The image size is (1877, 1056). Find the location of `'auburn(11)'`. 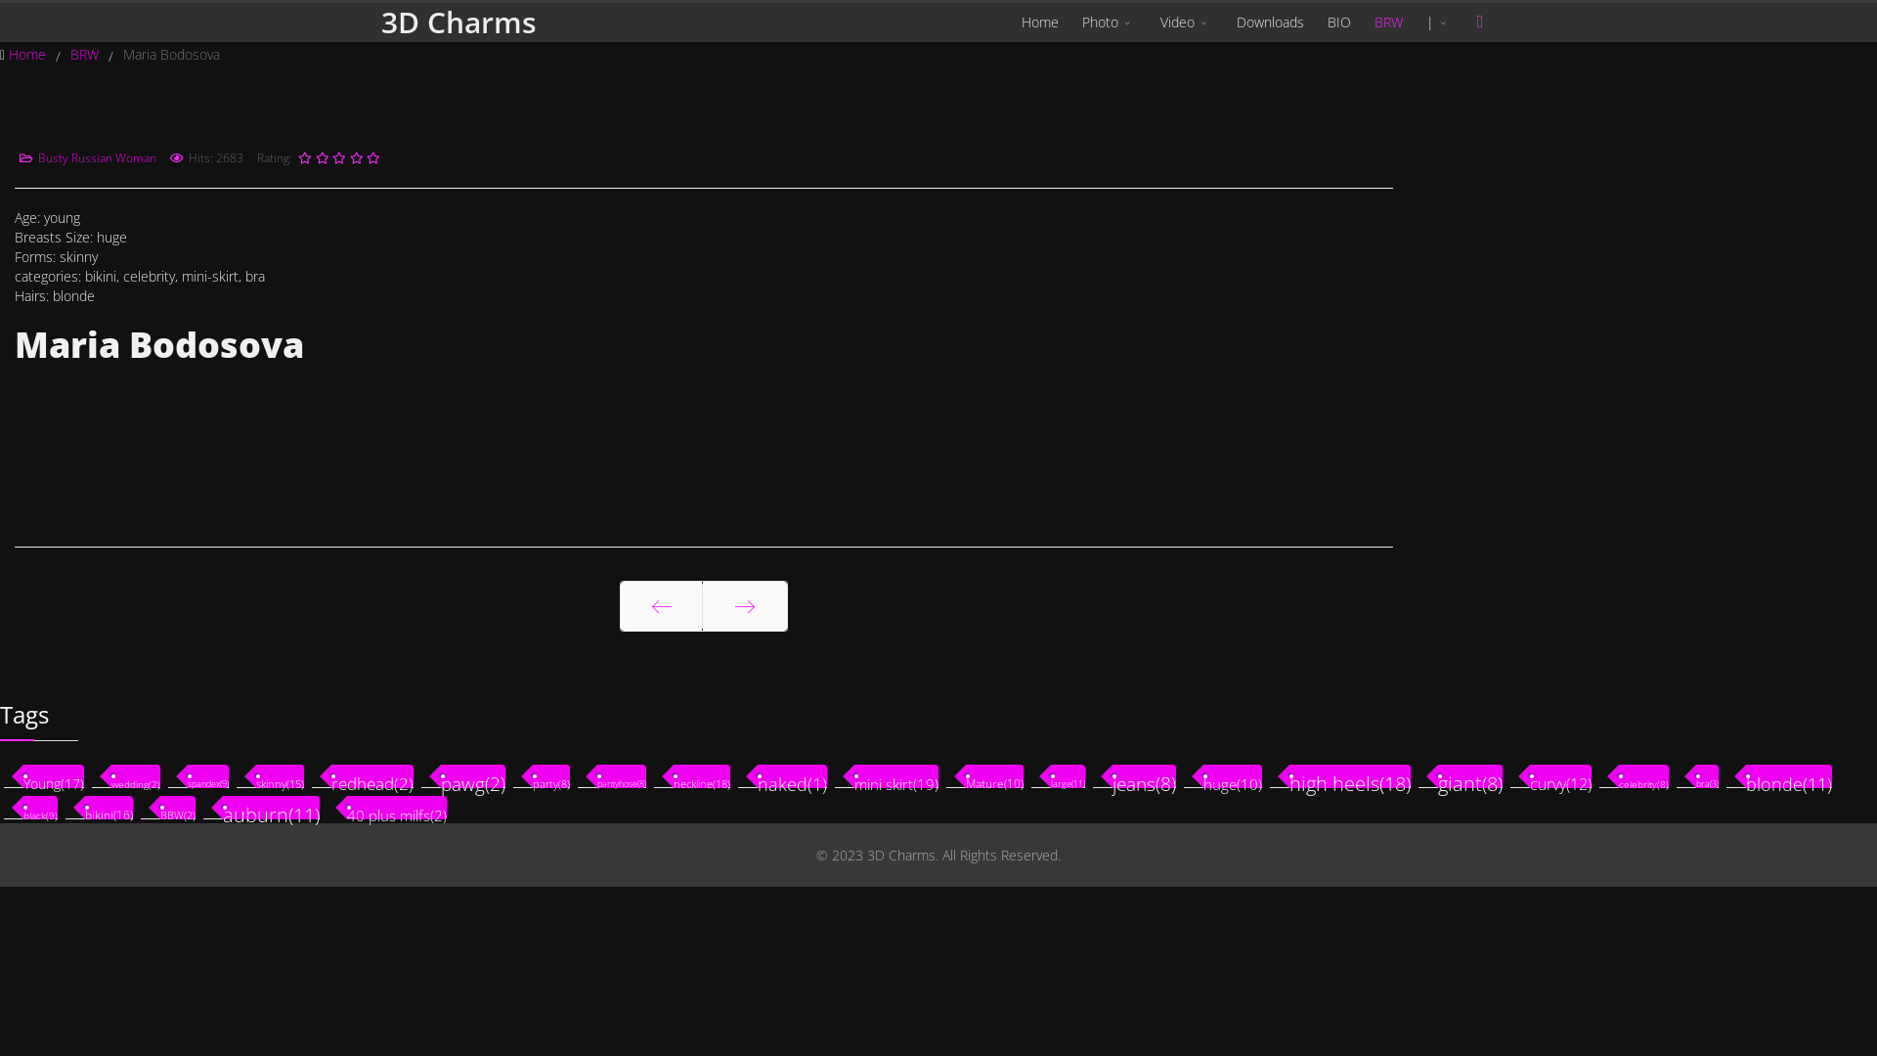

'auburn(11)' is located at coordinates (270, 807).